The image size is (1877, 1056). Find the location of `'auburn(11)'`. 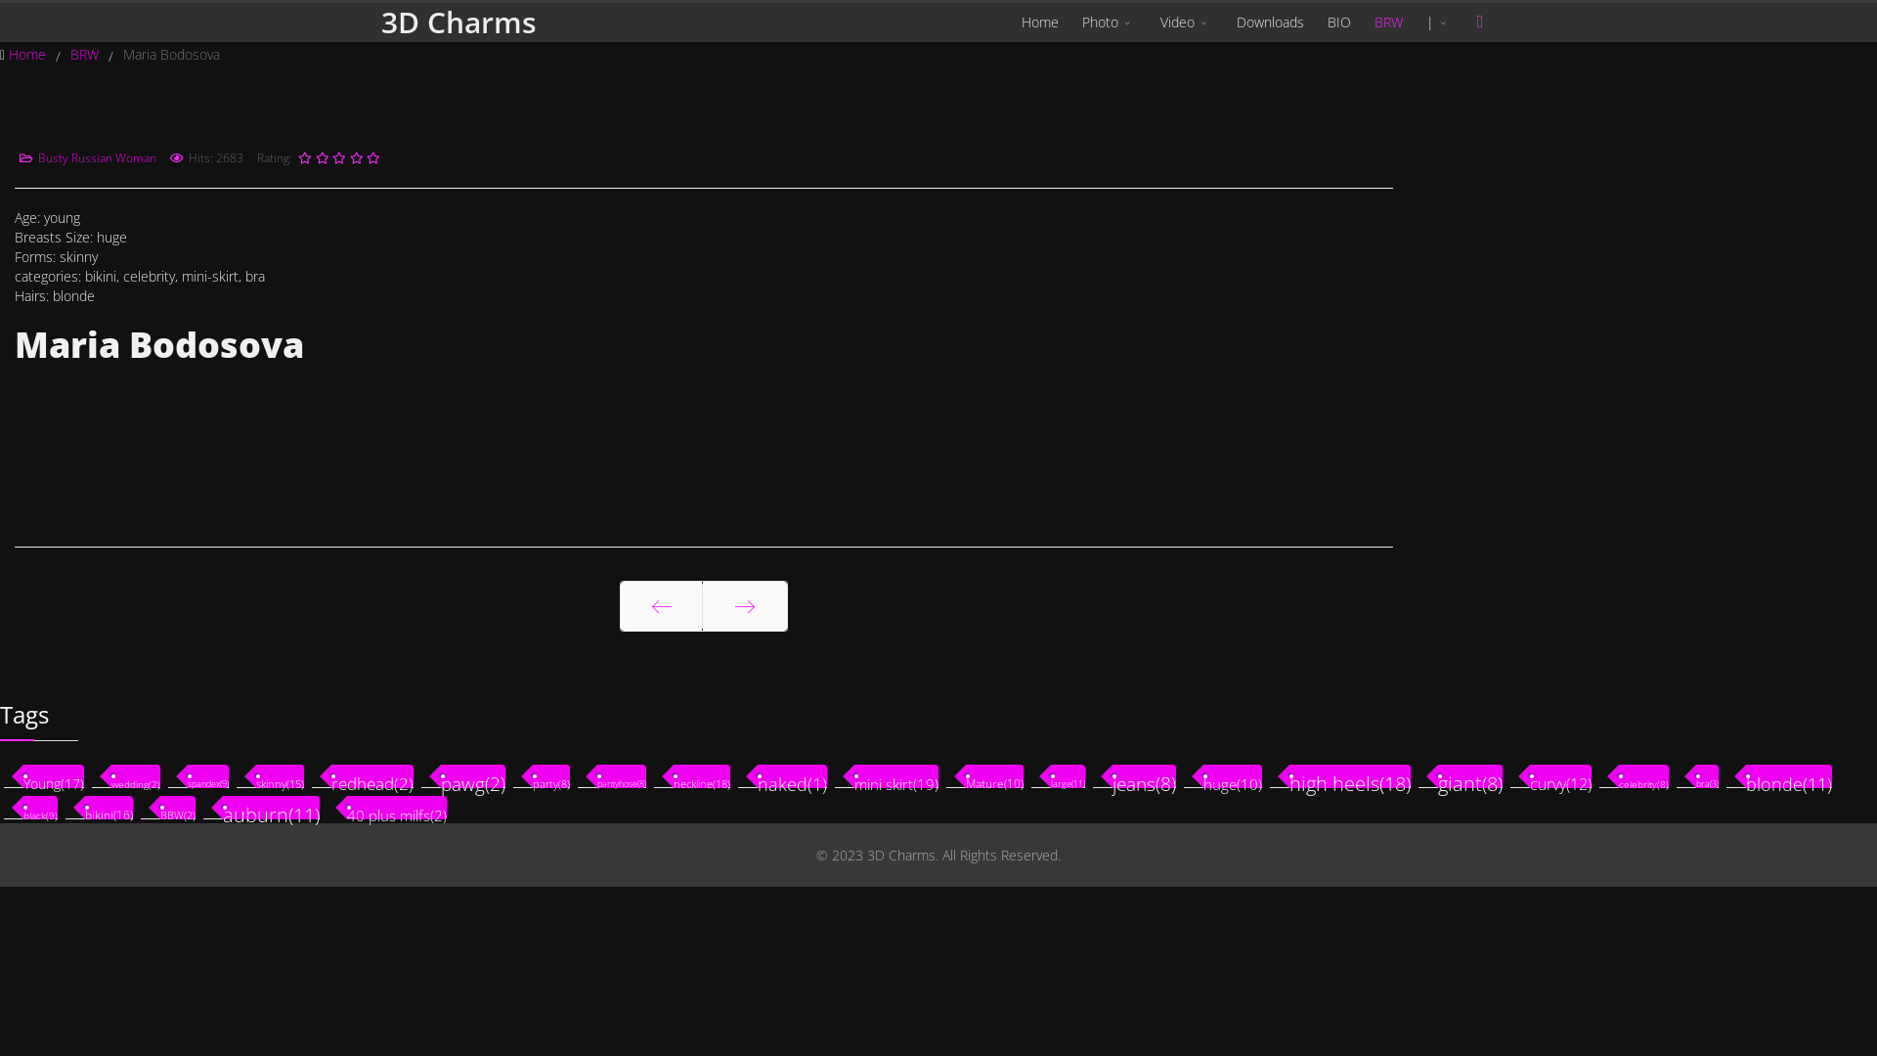

'auburn(11)' is located at coordinates (270, 807).